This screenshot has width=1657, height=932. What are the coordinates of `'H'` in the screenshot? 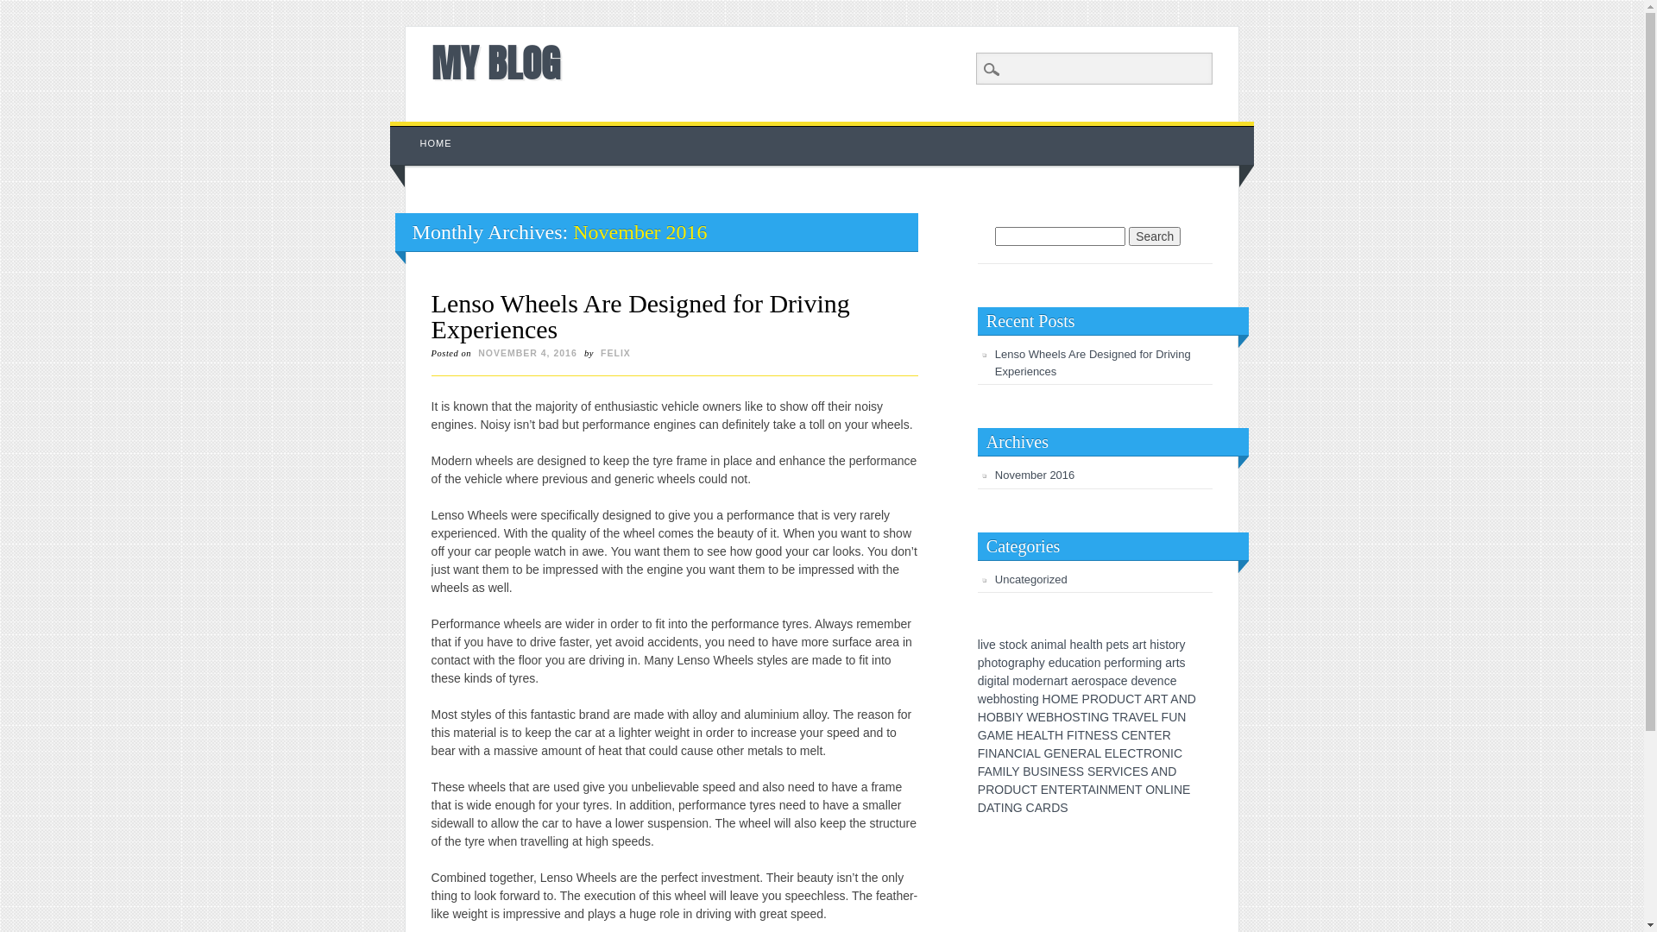 It's located at (981, 716).